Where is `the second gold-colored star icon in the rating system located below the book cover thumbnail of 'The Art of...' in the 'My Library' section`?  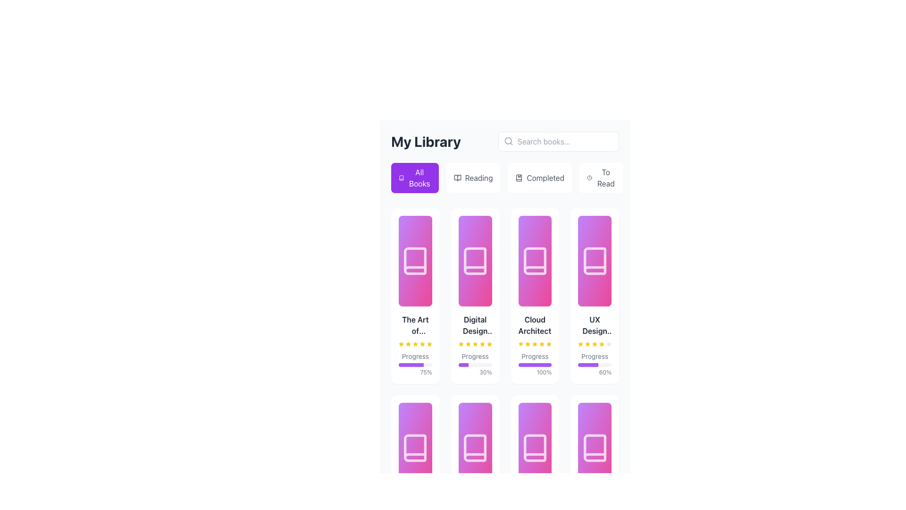
the second gold-colored star icon in the rating system located below the book cover thumbnail of 'The Art of...' in the 'My Library' section is located at coordinates (408, 344).